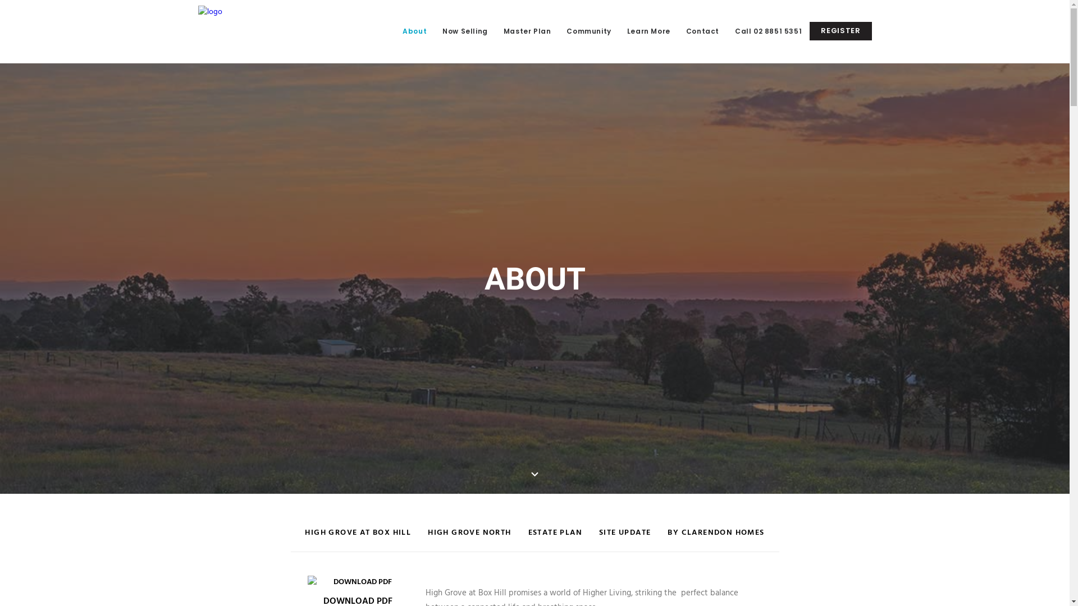  What do you see at coordinates (648, 31) in the screenshot?
I see `'Learn More'` at bounding box center [648, 31].